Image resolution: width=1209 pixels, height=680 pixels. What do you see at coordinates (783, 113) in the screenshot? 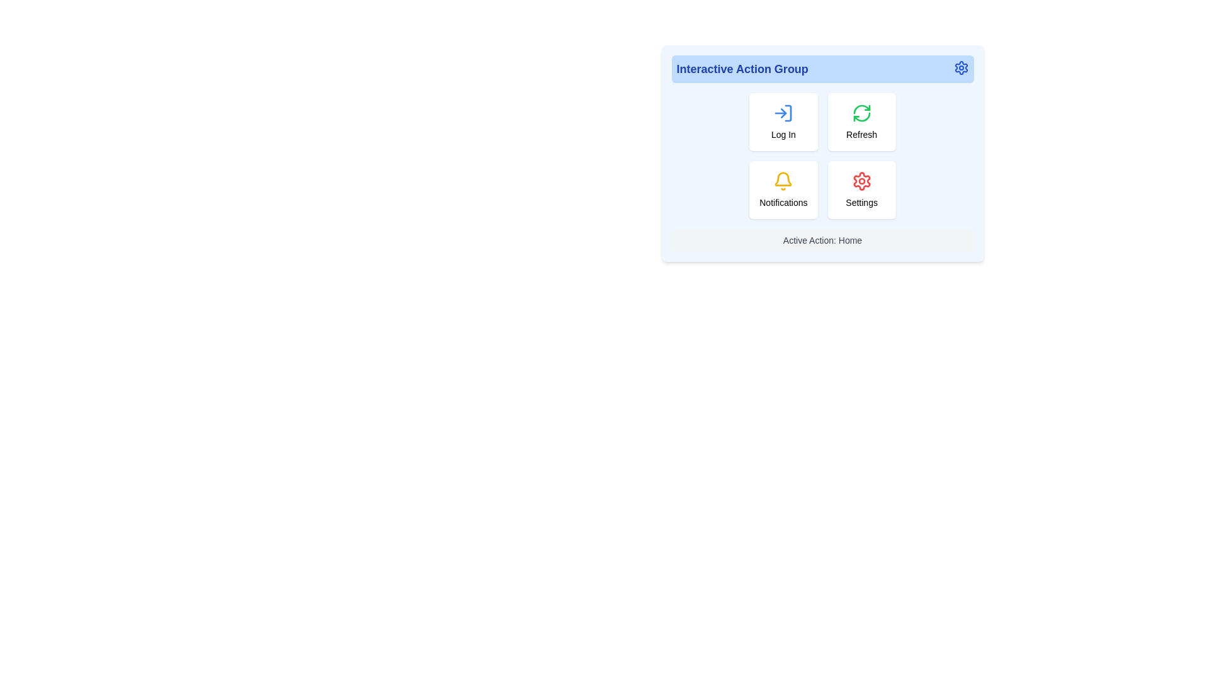
I see `'log in' icon, which features a blue arrow pointing right and a partial outline of a door, positioned in the upper left corner of the 'Interactive Action Group' section above the 'Log In' text` at bounding box center [783, 113].